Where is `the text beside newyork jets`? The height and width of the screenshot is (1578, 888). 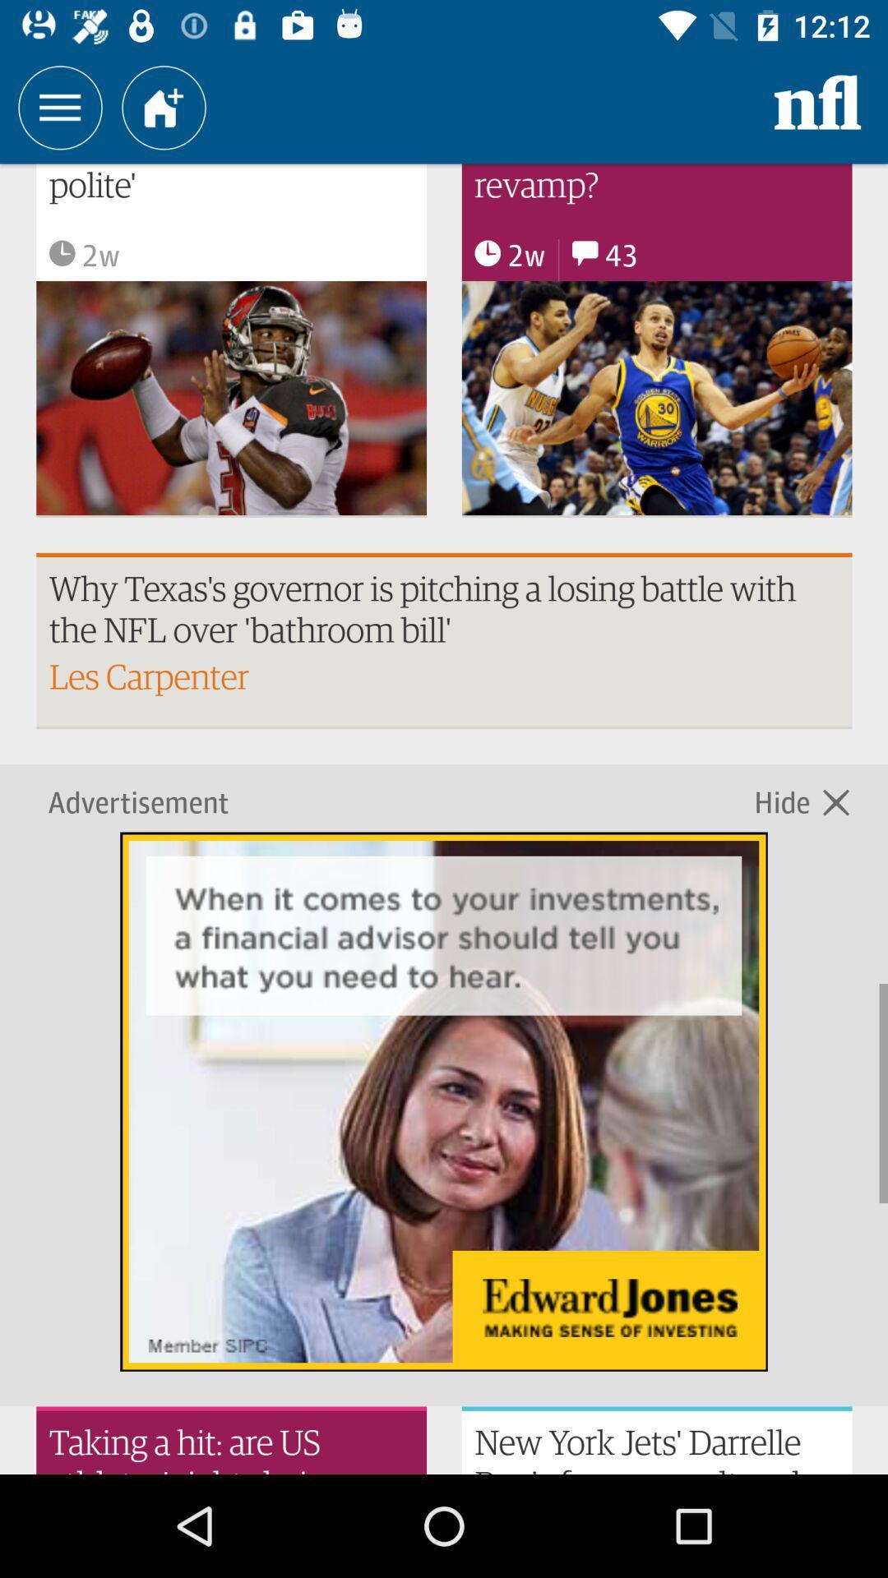 the text beside newyork jets is located at coordinates (231, 1439).